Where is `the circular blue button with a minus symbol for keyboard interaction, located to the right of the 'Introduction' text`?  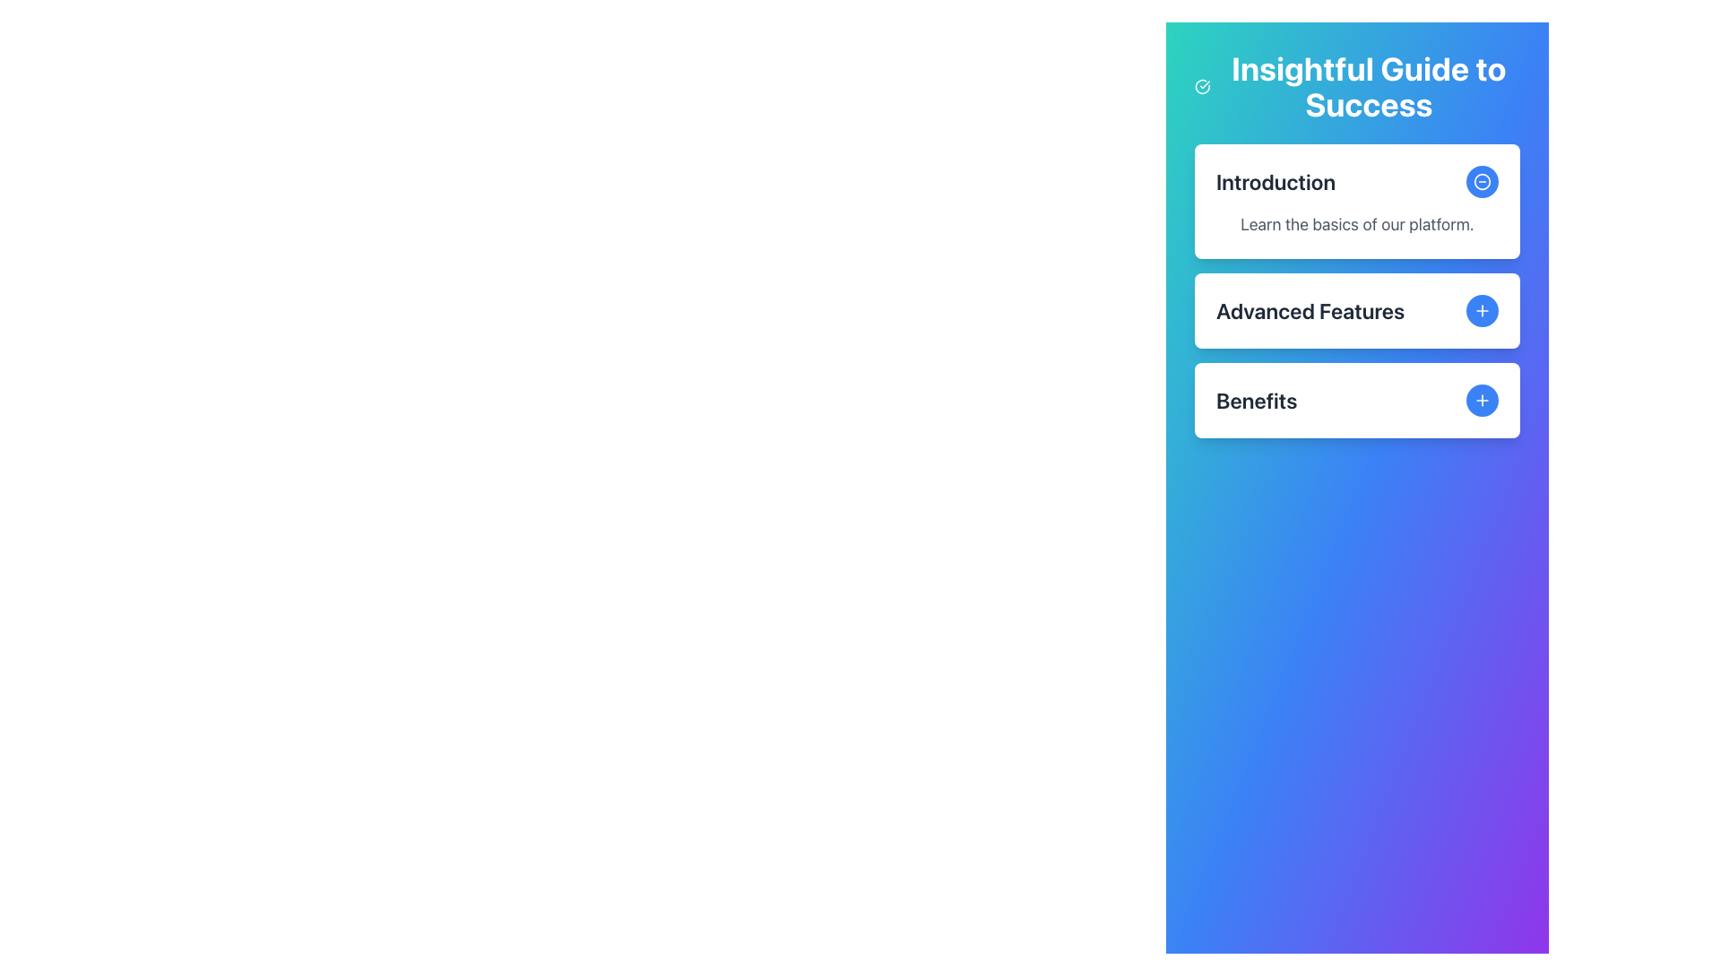
the circular blue button with a minus symbol for keyboard interaction, located to the right of the 'Introduction' text is located at coordinates (1483, 182).